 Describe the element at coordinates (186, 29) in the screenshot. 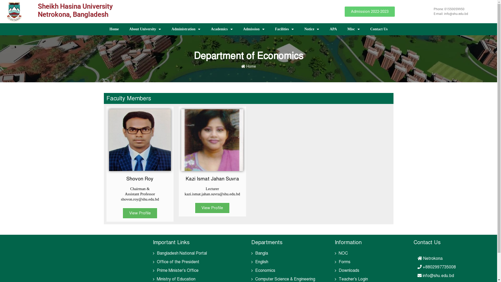

I see `'Administration'` at that location.